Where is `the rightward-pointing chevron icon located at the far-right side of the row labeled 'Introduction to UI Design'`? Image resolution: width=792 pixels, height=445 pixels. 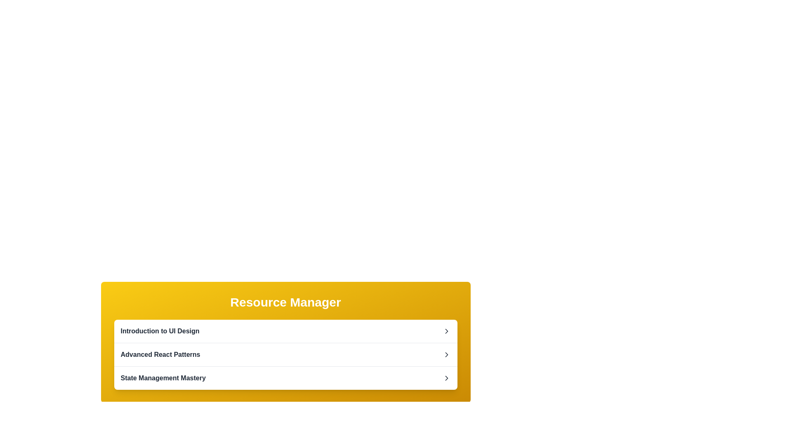 the rightward-pointing chevron icon located at the far-right side of the row labeled 'Introduction to UI Design' is located at coordinates (446, 330).